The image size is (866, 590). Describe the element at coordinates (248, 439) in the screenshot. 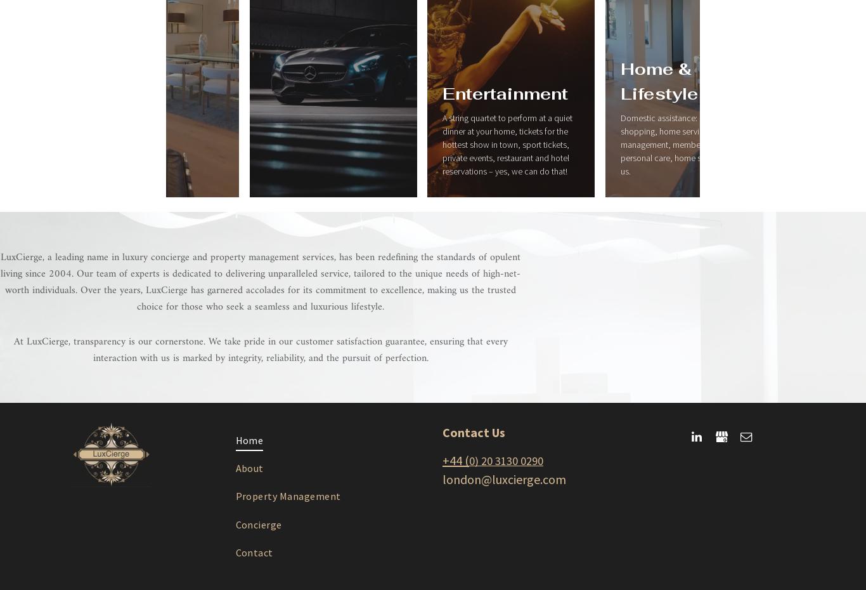

I see `'Home'` at that location.